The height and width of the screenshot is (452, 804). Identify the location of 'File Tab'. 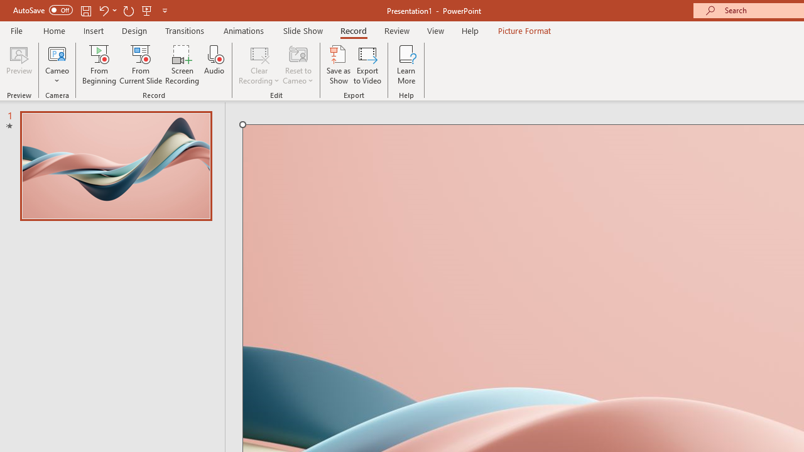
(16, 30).